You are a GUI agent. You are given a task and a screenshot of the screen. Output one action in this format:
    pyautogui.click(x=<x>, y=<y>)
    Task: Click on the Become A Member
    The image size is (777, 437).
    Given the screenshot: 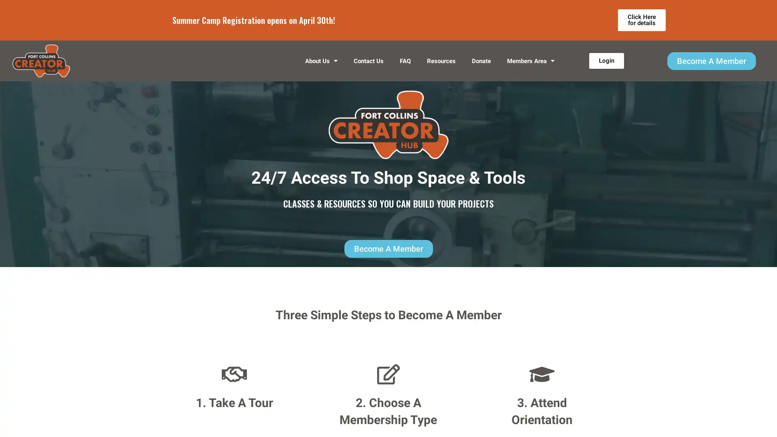 What is the action you would take?
    pyautogui.click(x=711, y=60)
    